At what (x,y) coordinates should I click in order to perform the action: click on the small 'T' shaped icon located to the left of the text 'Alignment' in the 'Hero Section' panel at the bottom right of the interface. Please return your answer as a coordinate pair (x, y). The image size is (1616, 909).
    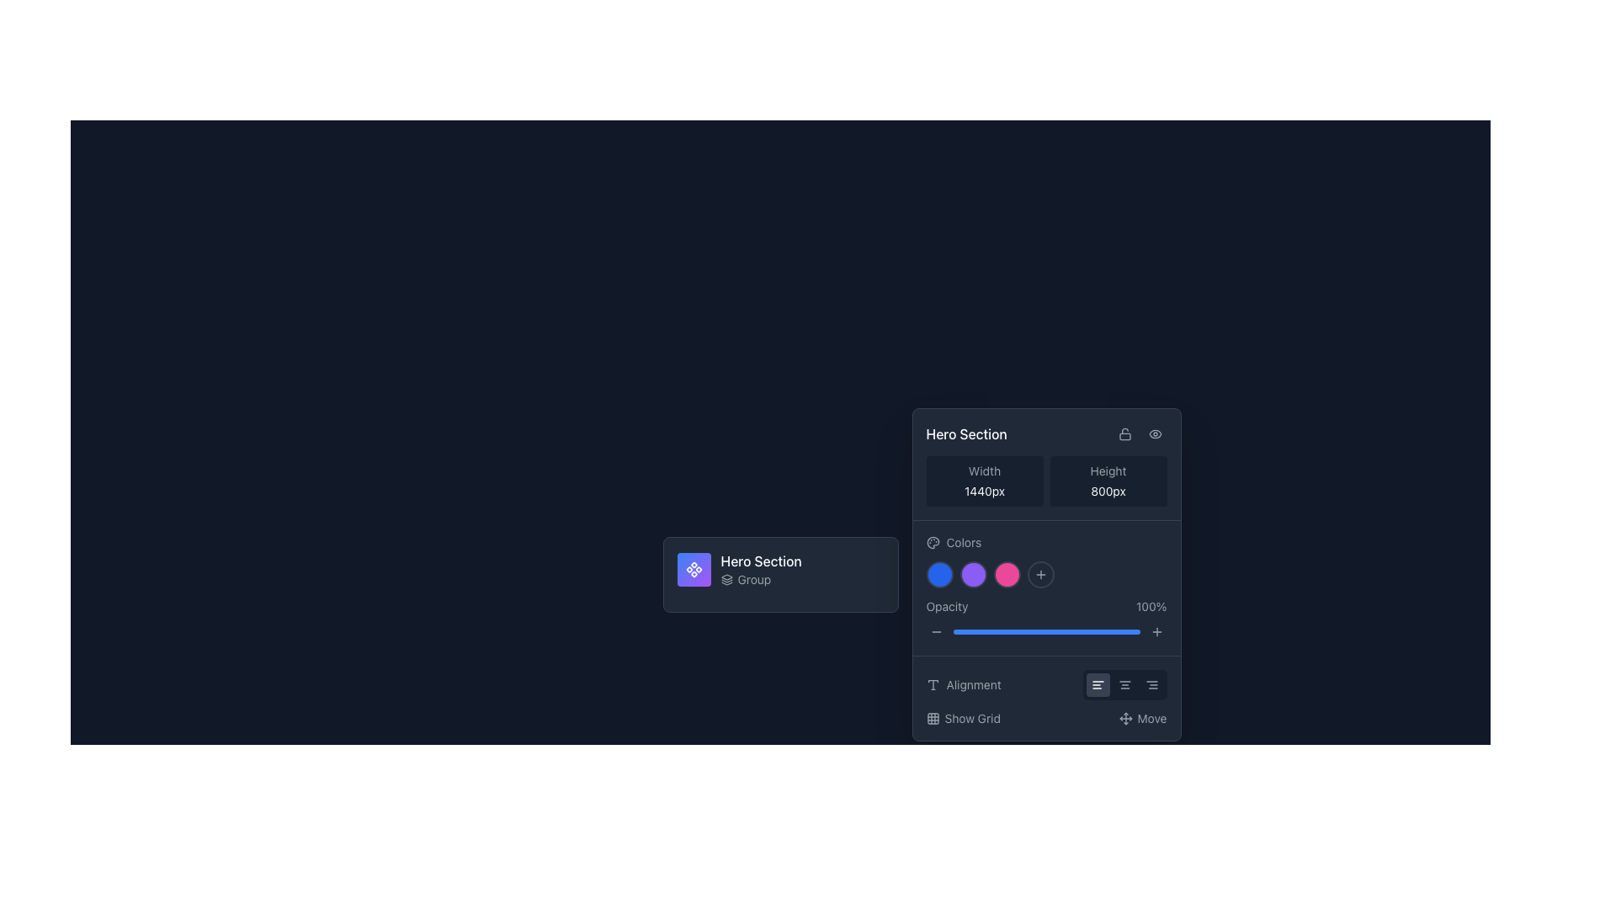
    Looking at the image, I should click on (932, 684).